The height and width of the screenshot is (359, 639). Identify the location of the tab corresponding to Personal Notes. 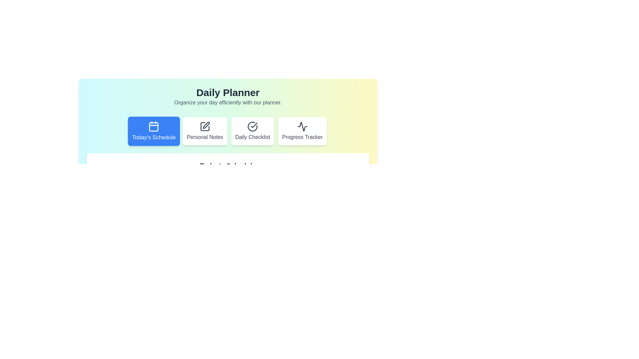
(205, 131).